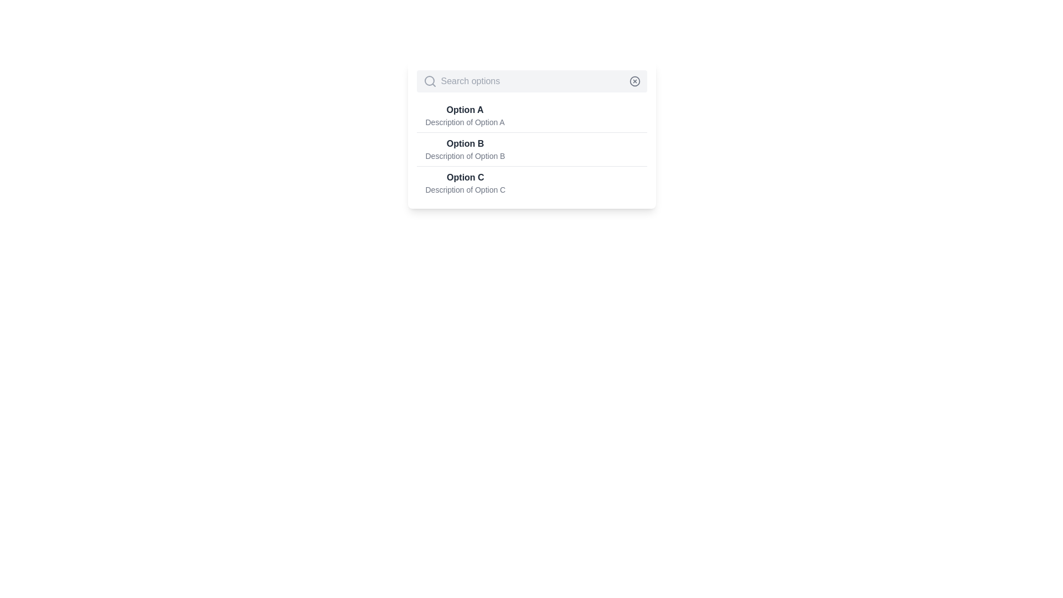 The width and height of the screenshot is (1063, 598). Describe the element at coordinates (465, 143) in the screenshot. I see `the selectable option in the dropdown menu located in the second row, between 'Option A' and 'Option C'` at that location.